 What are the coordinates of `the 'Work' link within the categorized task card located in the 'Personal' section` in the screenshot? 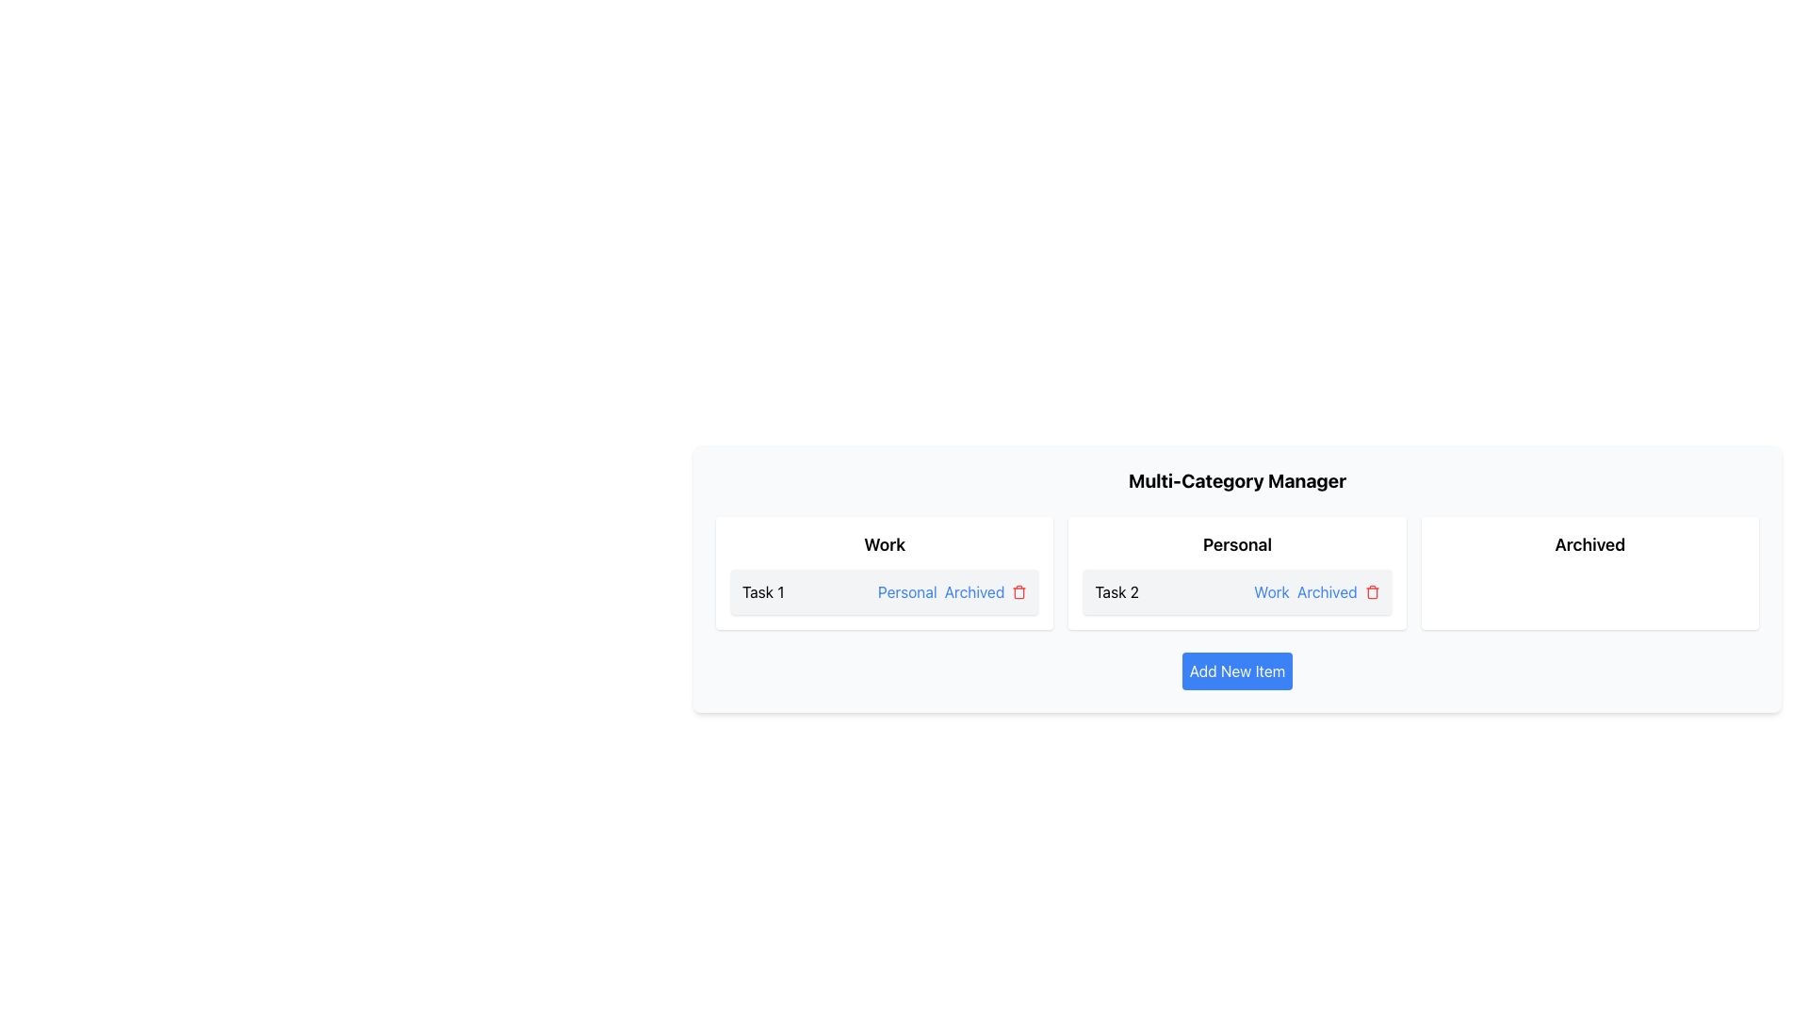 It's located at (1237, 573).